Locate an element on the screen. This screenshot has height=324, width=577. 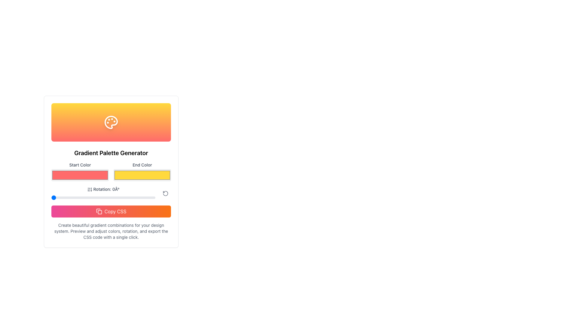
'Start Color' text label which is positioned above the color input field in the color selection section of the interface is located at coordinates (80, 165).